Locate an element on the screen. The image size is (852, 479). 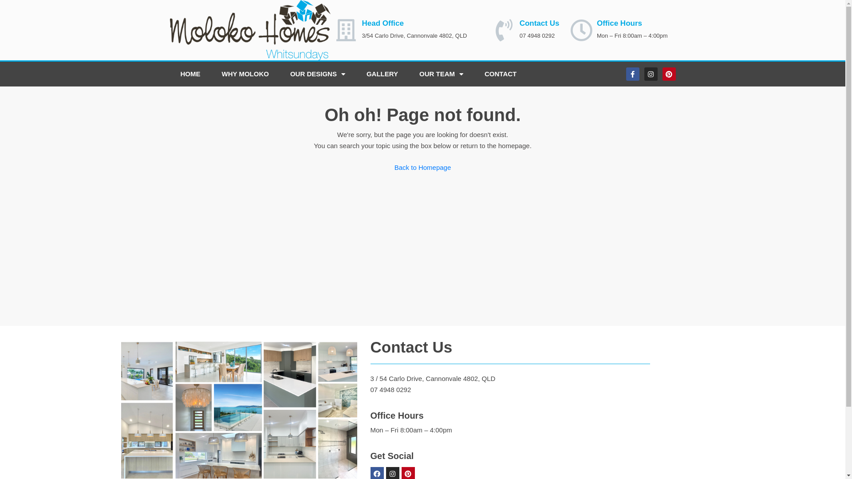
'HOME' is located at coordinates (189, 73).